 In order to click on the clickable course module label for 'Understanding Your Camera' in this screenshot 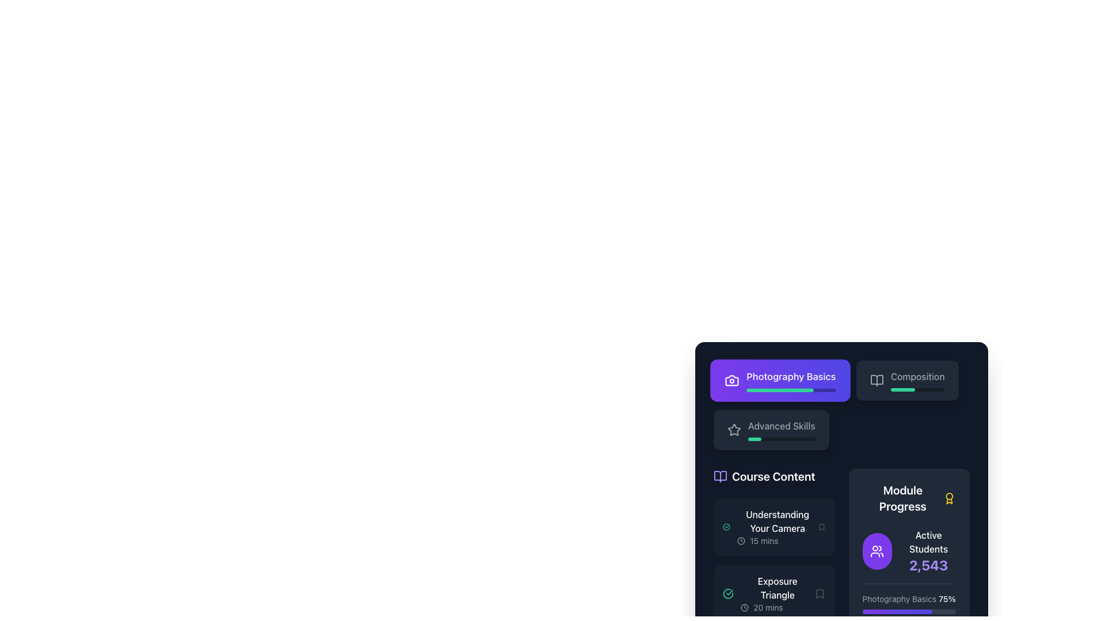, I will do `click(770, 527)`.